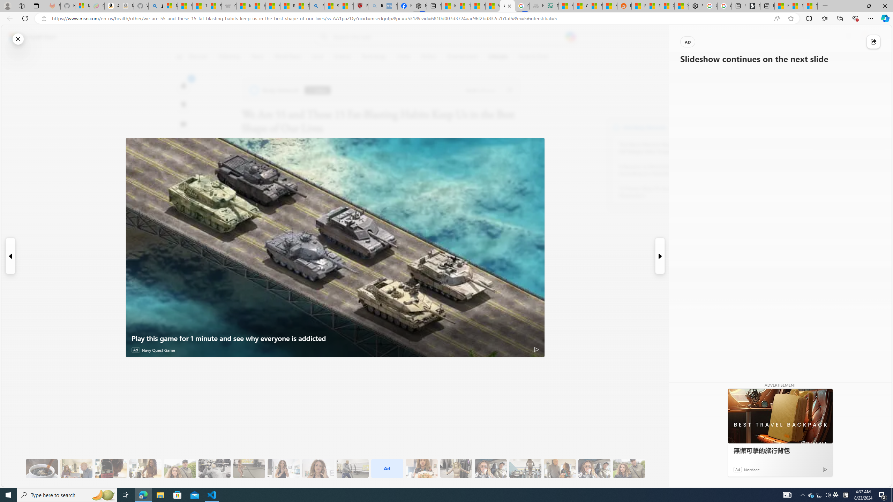 The image size is (893, 502). What do you see at coordinates (249, 469) in the screenshot?
I see `'10 Then, They Do HIIT Cardio'` at bounding box center [249, 469].